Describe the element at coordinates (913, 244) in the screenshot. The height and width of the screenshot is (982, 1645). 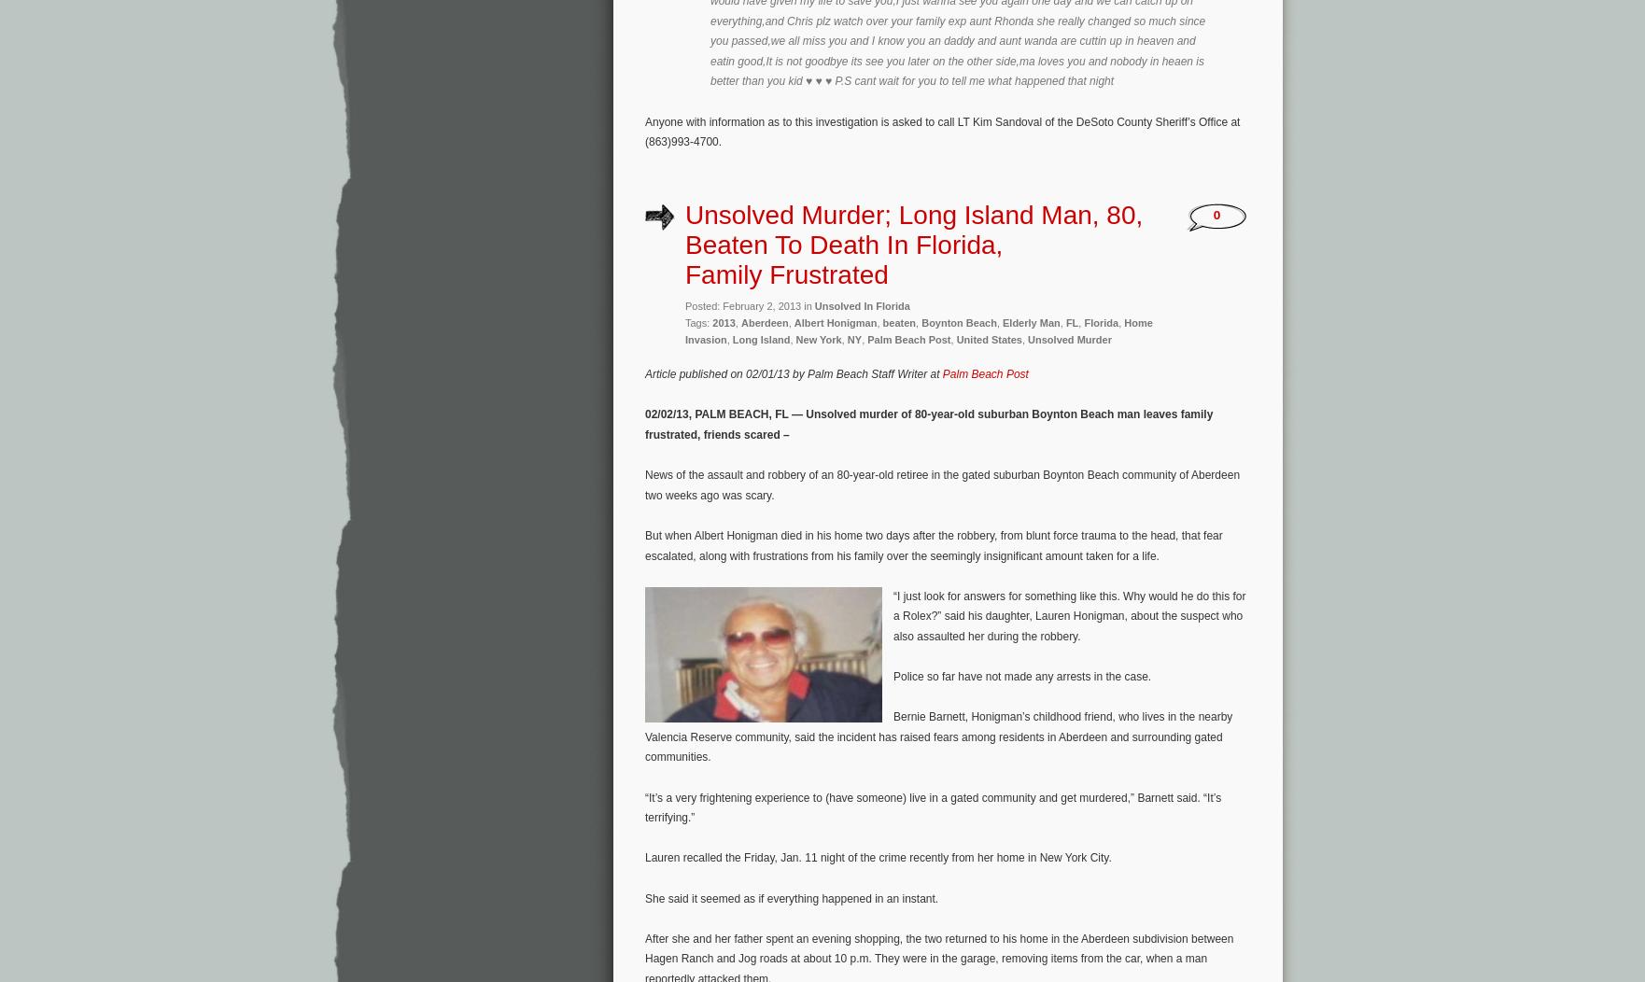
I see `'Unsolved Murder; Long Island Man, 80, Beaten To Death In Florida, Family Frustrated'` at that location.